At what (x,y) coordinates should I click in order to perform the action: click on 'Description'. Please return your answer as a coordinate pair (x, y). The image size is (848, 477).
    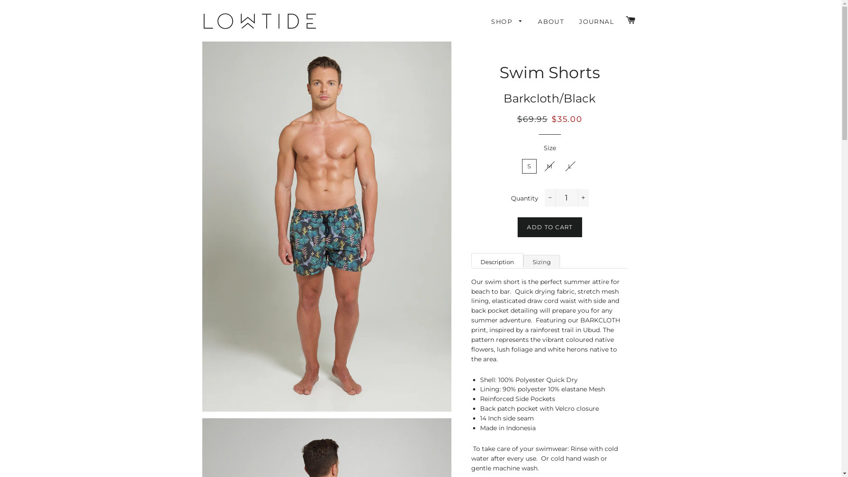
    Looking at the image, I should click on (470, 259).